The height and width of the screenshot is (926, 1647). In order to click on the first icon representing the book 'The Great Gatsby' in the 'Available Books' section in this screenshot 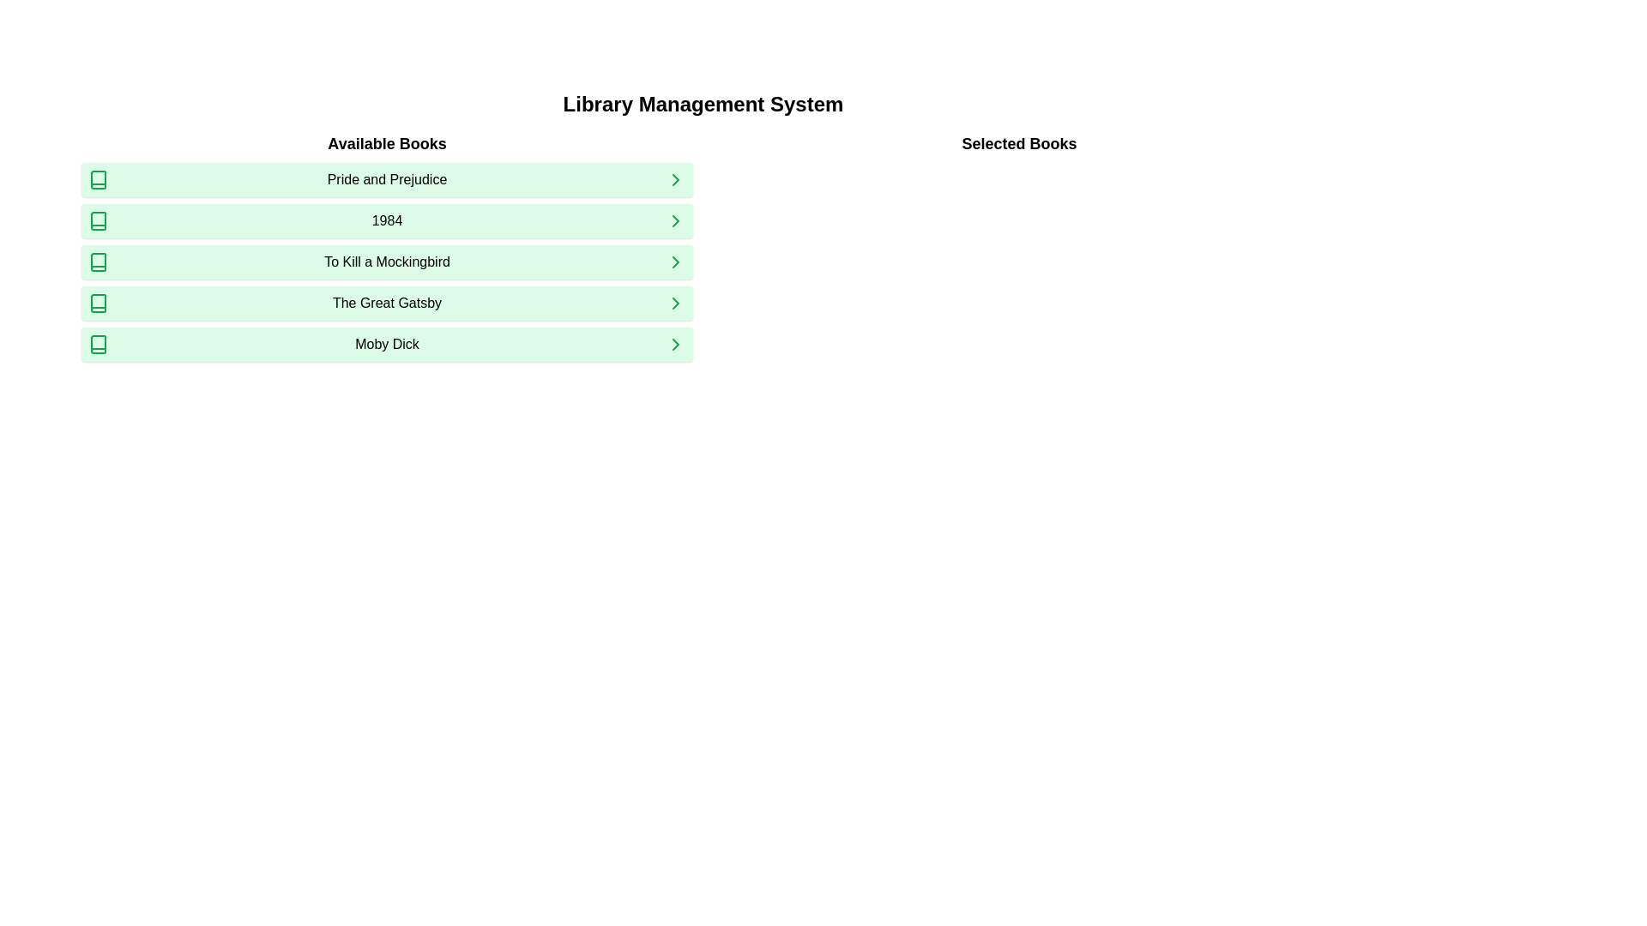, I will do `click(98, 303)`.